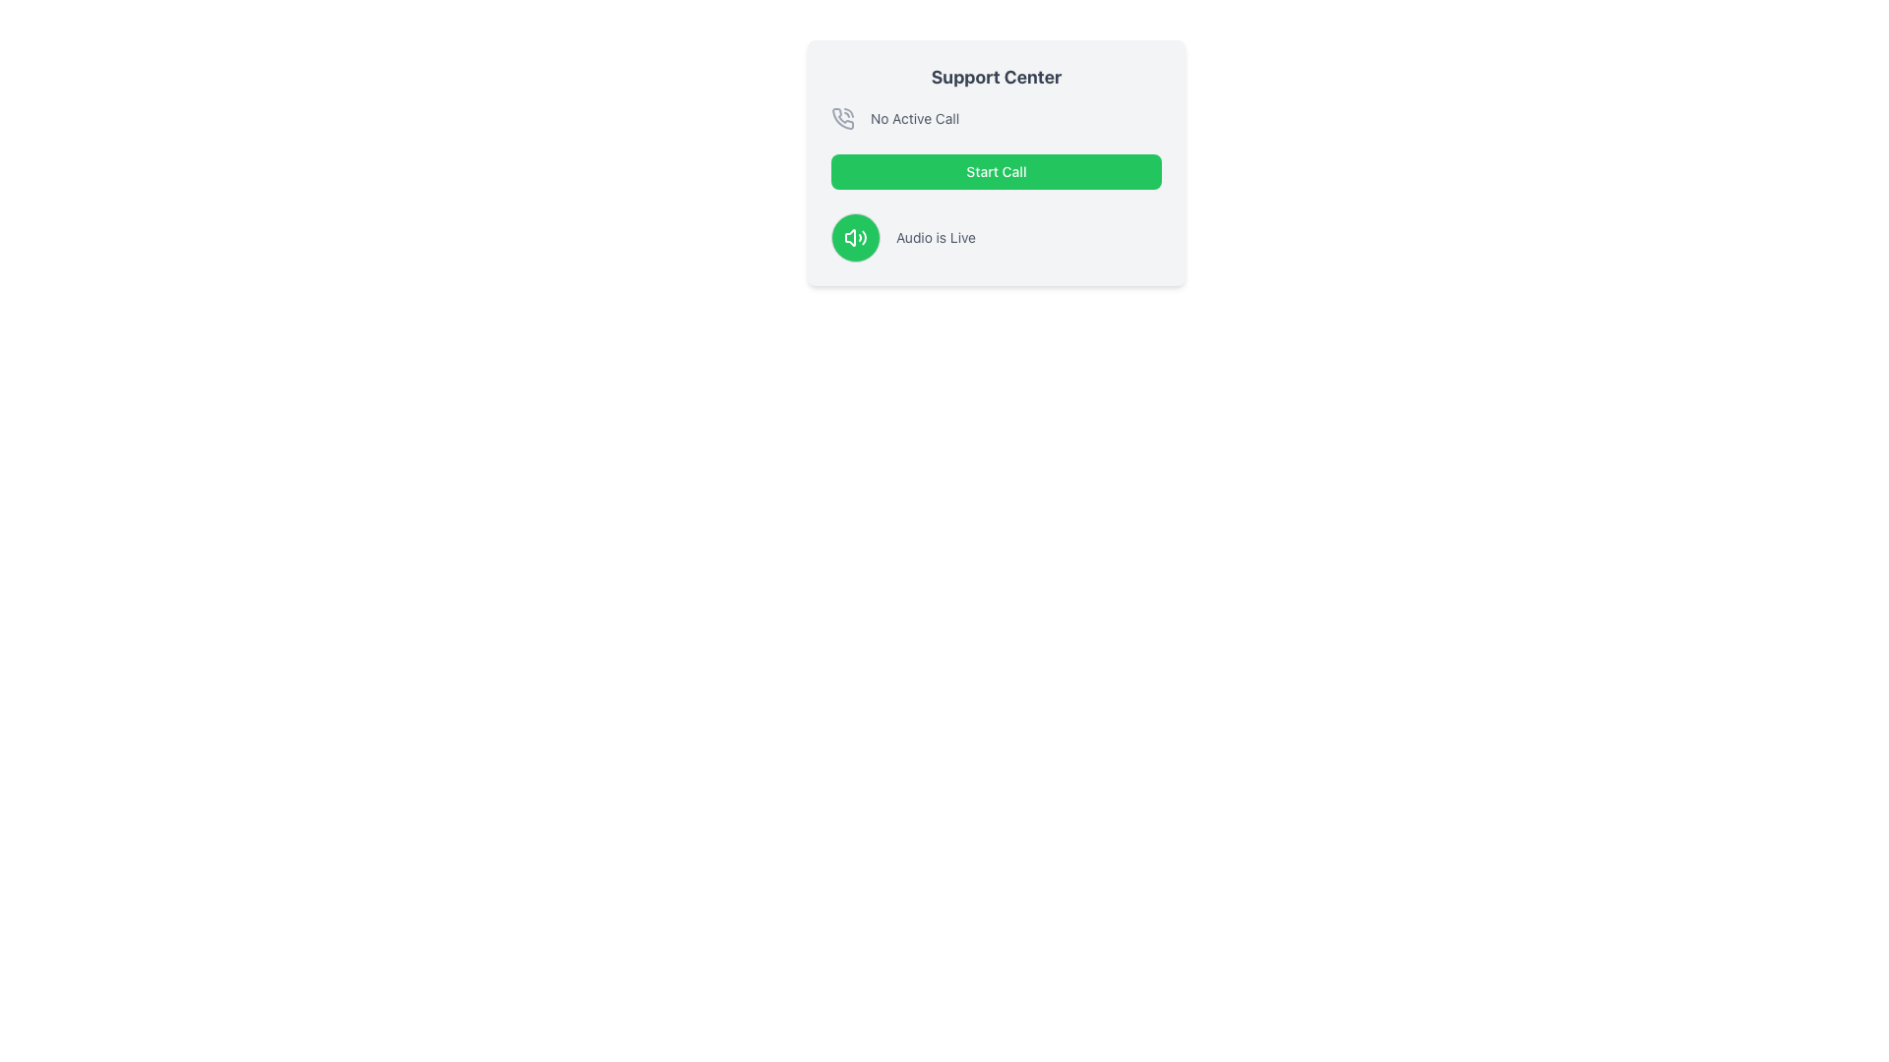 Image resolution: width=1889 pixels, height=1062 pixels. What do you see at coordinates (996, 161) in the screenshot?
I see `the 'Start Call' button, which is a rectangular button with rounded corners, filled with vibrant green color and labeled in white text` at bounding box center [996, 161].